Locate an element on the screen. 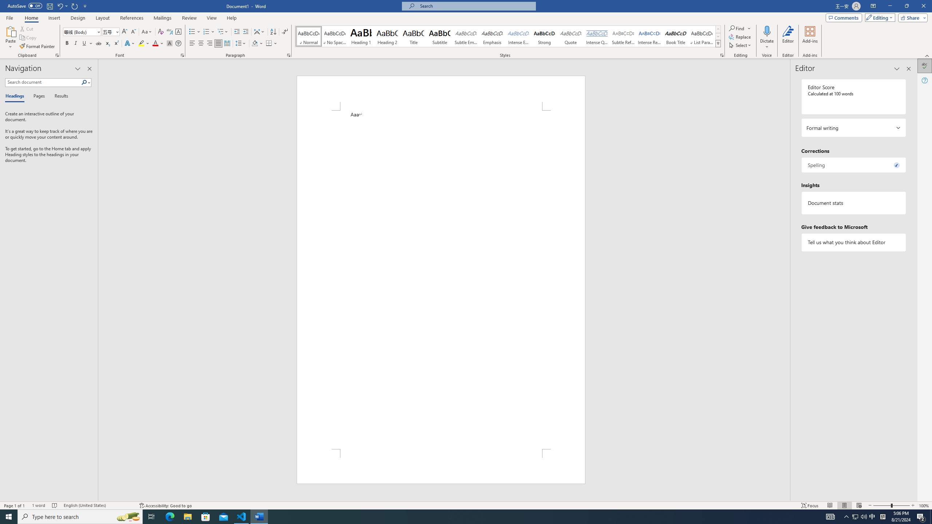 The width and height of the screenshot is (932, 524). 'Subtle Reference' is located at coordinates (623, 36).